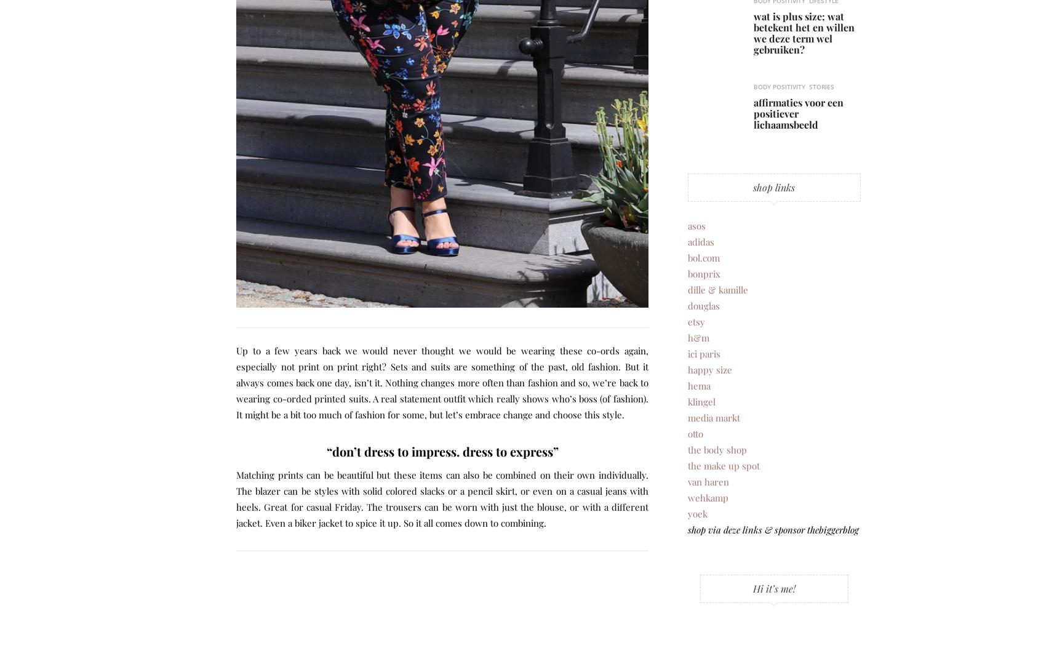 This screenshot has width=1041, height=659. What do you see at coordinates (804, 31) in the screenshot?
I see `'wat is plus size; wat betekent het en willen we deze term wel gebruiken?'` at bounding box center [804, 31].